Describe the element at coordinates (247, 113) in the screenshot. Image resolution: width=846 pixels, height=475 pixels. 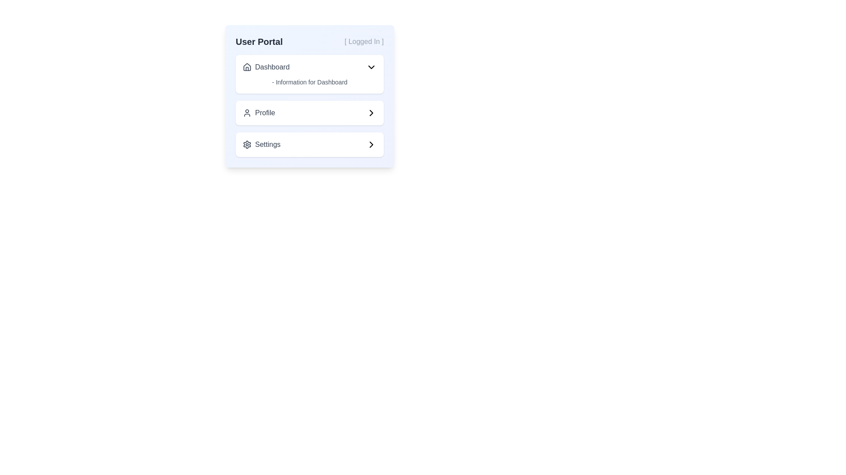
I see `the user profile silhouette icon with a thin gray outline located to the left of the 'Profile' label in the second row of the menu list` at that location.